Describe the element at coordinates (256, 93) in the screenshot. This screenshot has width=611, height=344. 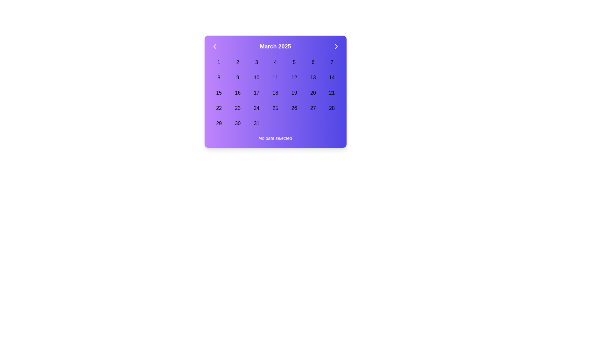
I see `the small circular button labeled '17' in the calendar grid for March 2025` at that location.